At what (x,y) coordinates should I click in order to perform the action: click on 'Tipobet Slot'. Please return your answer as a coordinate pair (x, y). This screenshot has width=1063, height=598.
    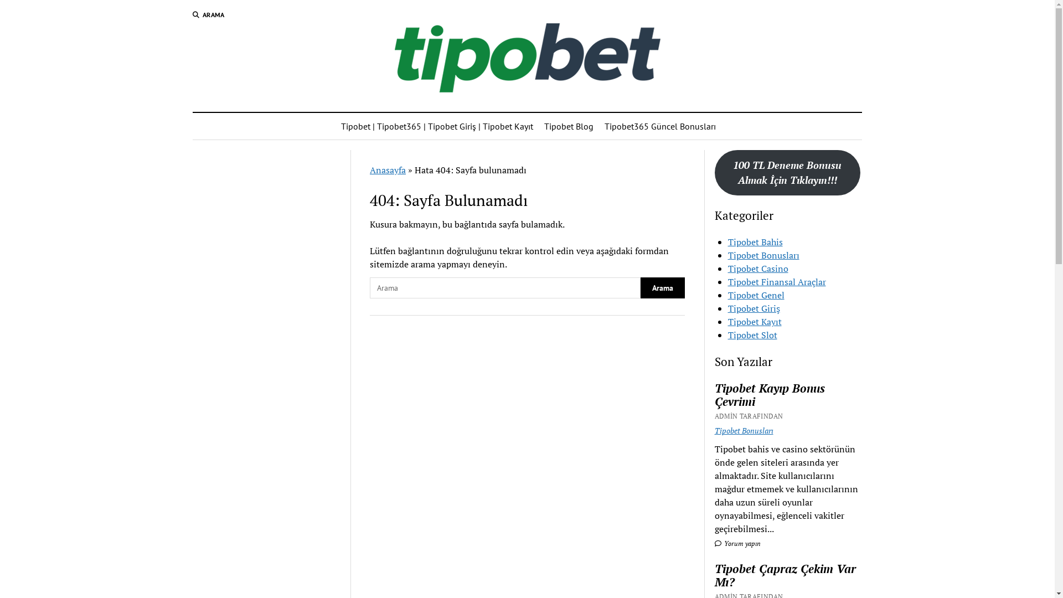
    Looking at the image, I should click on (752, 334).